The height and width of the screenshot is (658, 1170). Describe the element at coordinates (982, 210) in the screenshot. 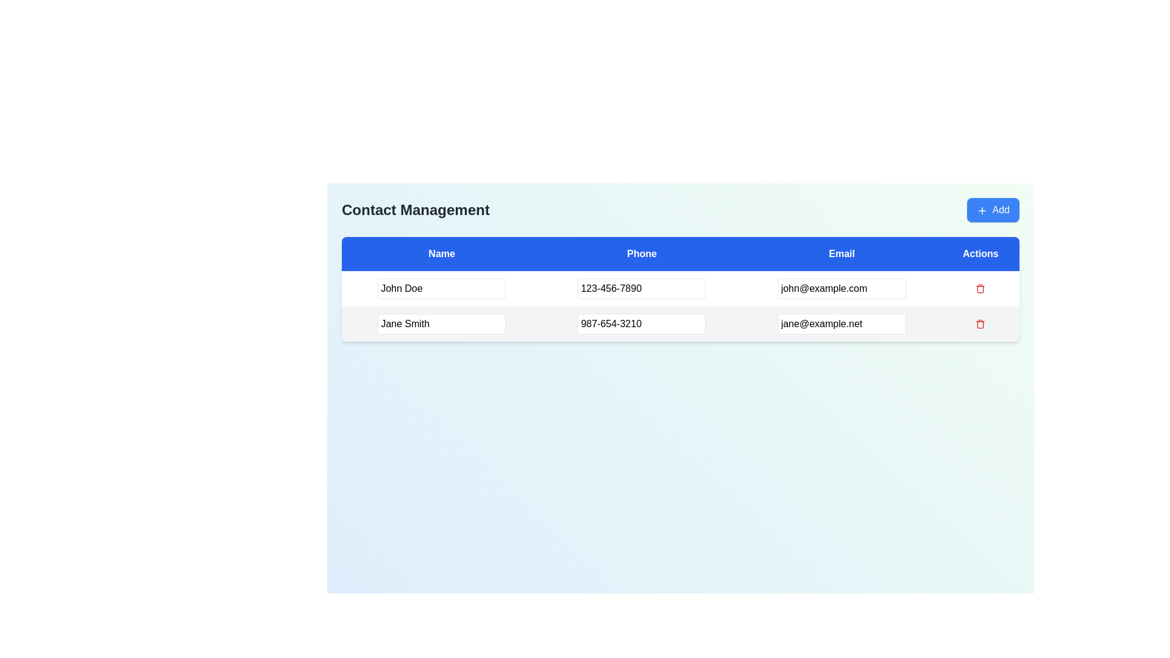

I see `the blue-bordered plus sign icon located within the blue rectangular button labeled 'Add' in the upper-right corner of the user interface` at that location.